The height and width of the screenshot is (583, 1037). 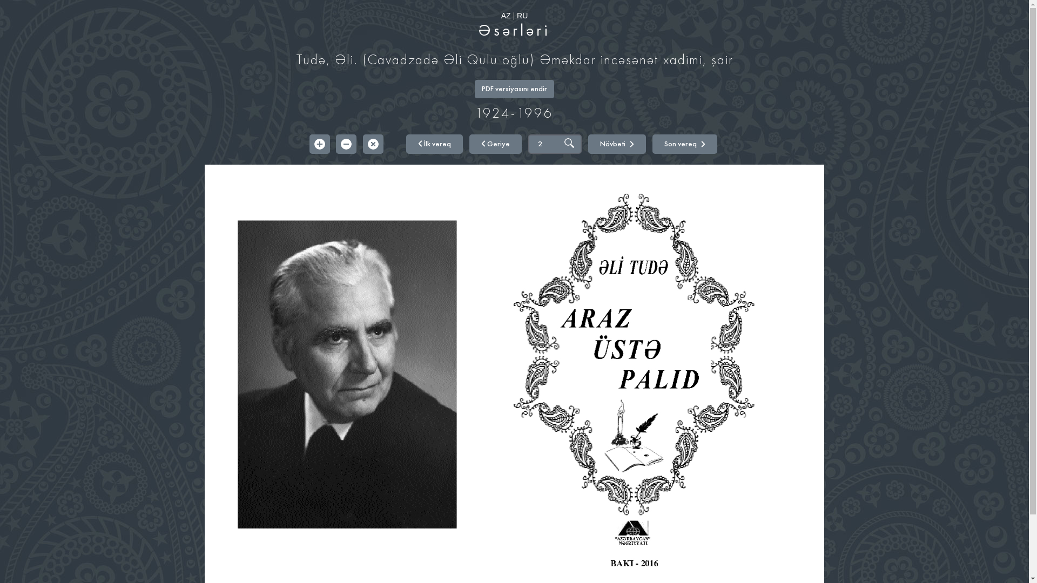 What do you see at coordinates (522, 16) in the screenshot?
I see `'RU'` at bounding box center [522, 16].